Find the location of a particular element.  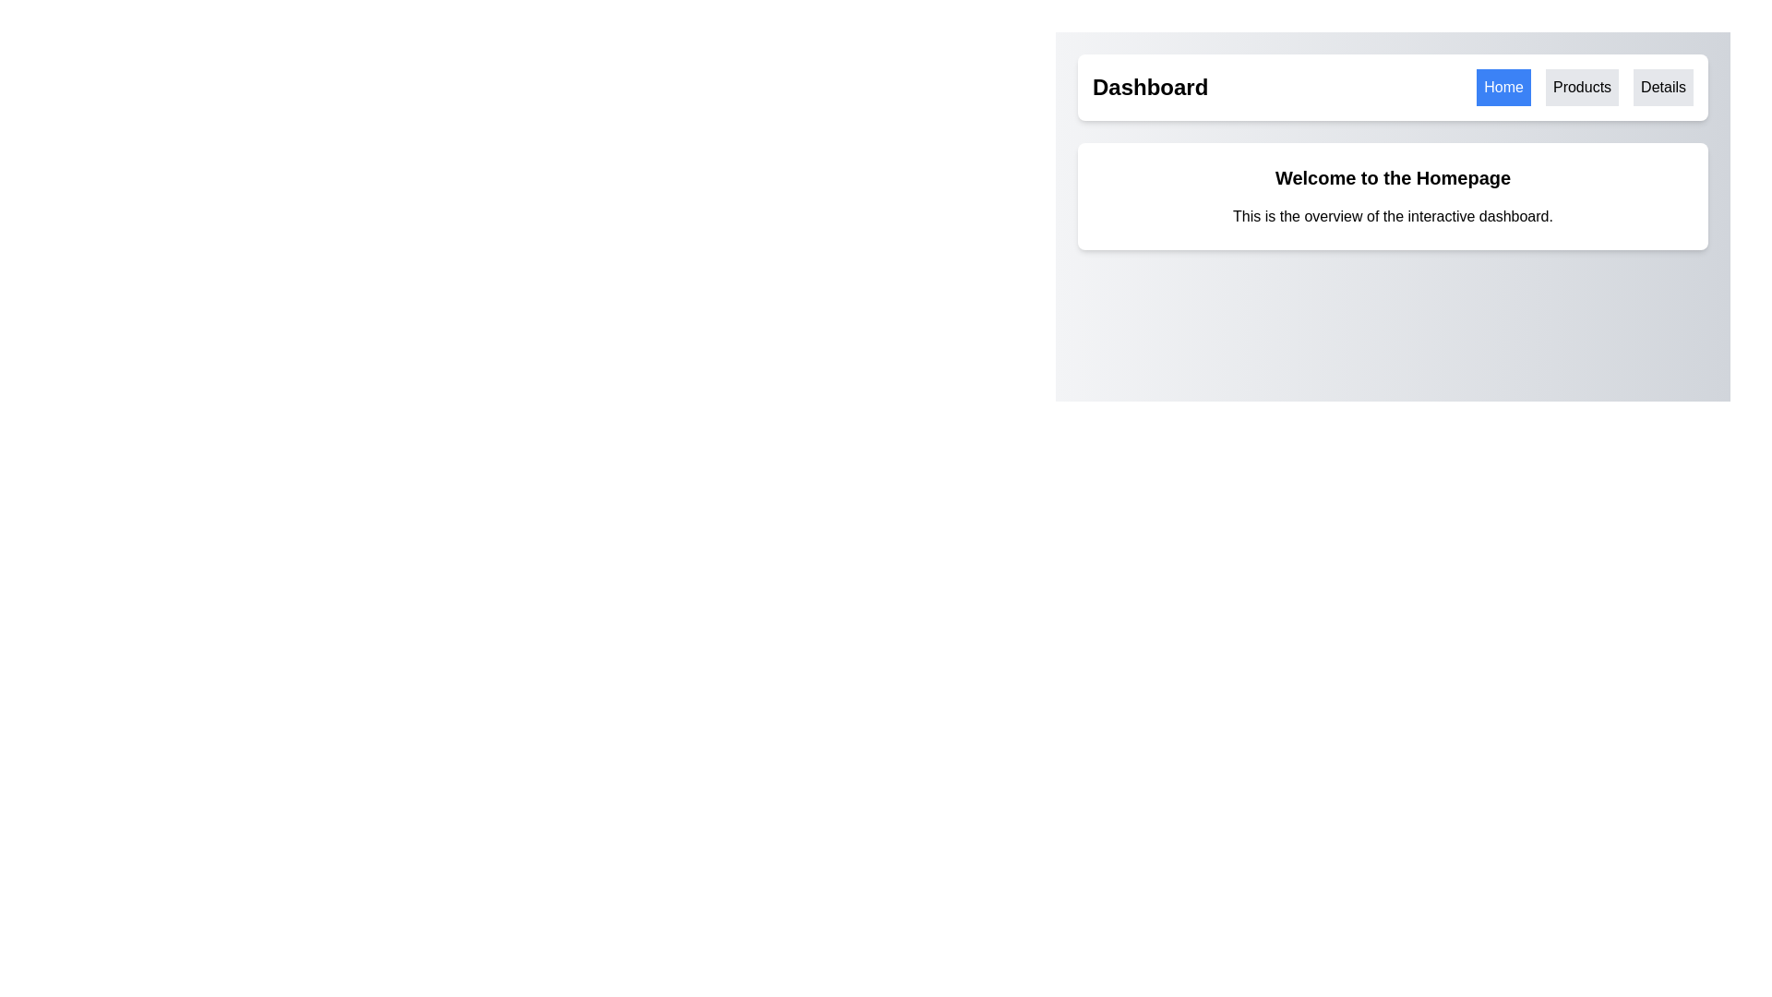

the 'Details' button in the upper-right navigation bar is located at coordinates (1663, 88).